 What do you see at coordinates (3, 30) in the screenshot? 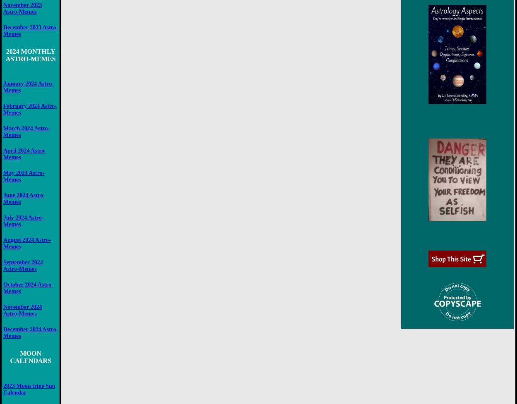
I see `'December 2023 Astro-Memes'` at bounding box center [3, 30].